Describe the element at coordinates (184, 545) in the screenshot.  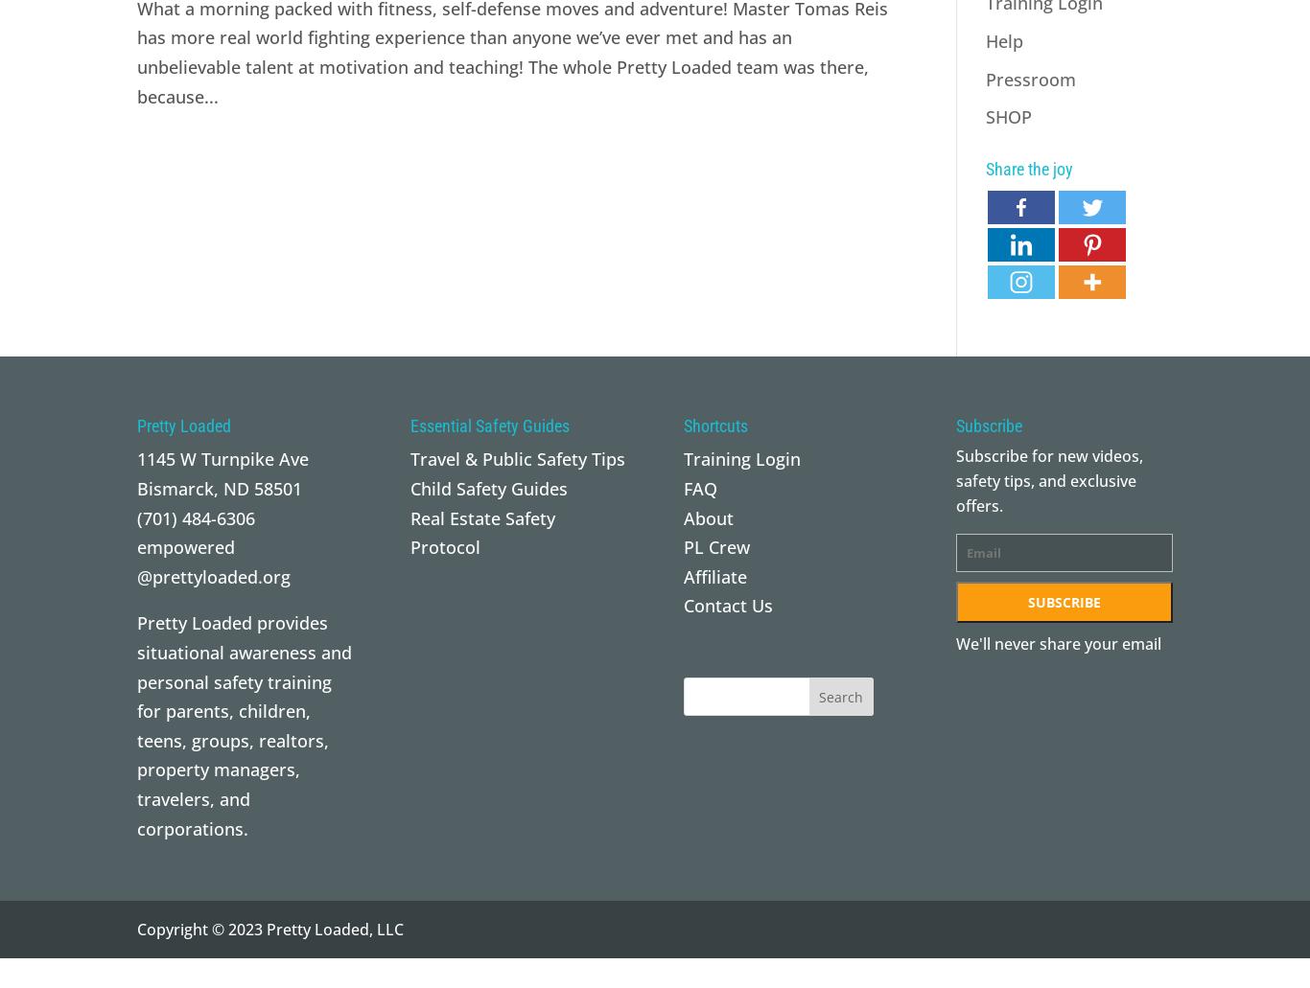
I see `'empowered'` at that location.